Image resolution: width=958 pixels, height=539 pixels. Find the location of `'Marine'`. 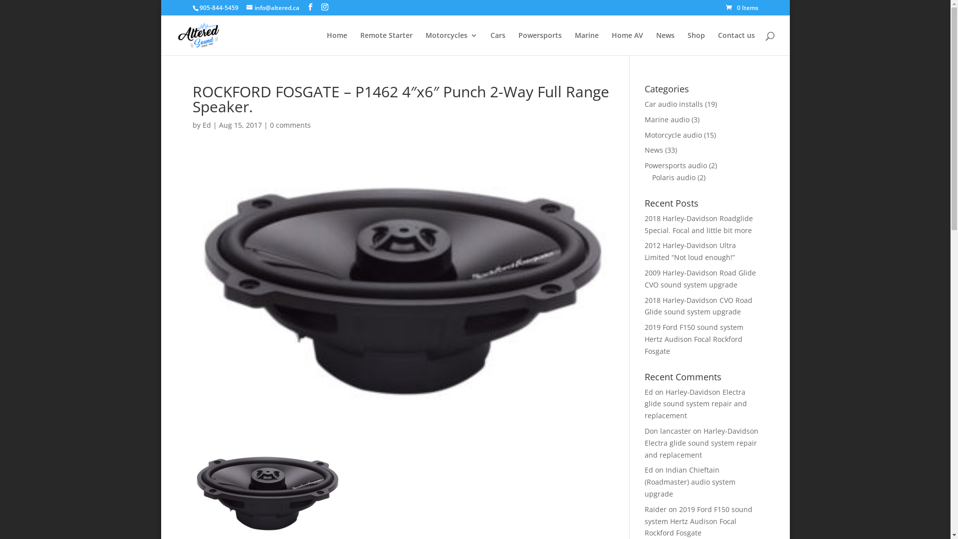

'Marine' is located at coordinates (587, 43).